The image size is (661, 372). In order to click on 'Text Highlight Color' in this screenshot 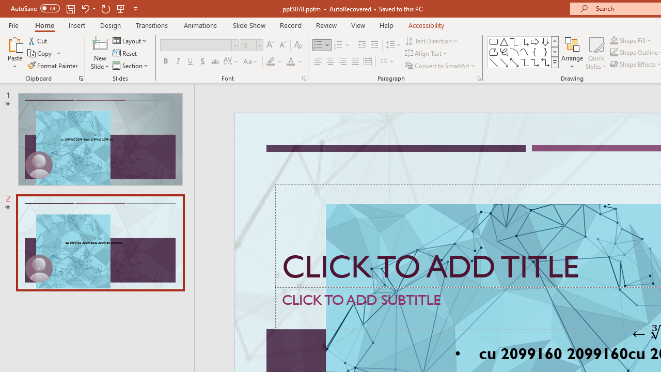, I will do `click(274, 61)`.